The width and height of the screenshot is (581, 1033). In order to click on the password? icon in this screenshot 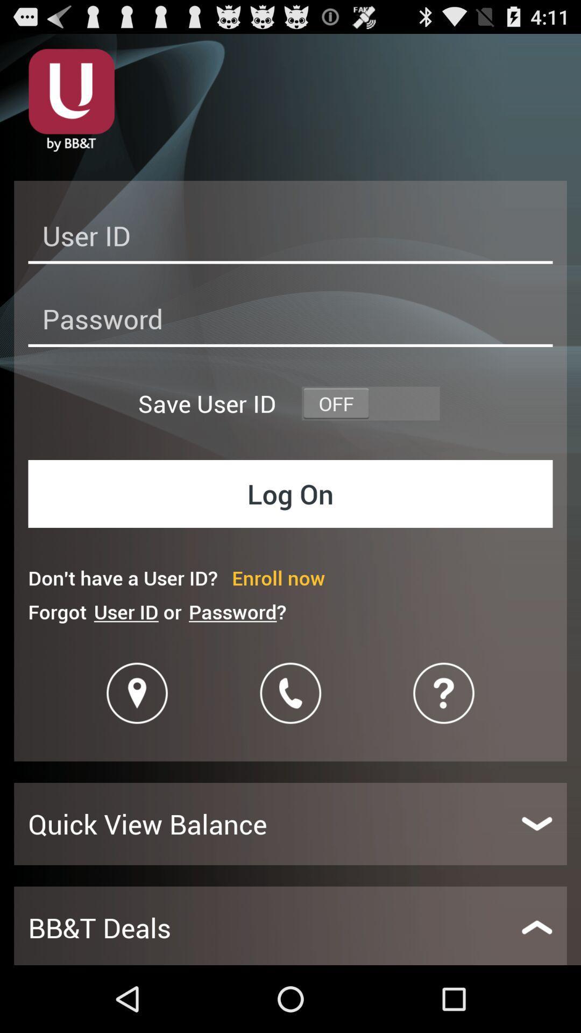, I will do `click(237, 612)`.